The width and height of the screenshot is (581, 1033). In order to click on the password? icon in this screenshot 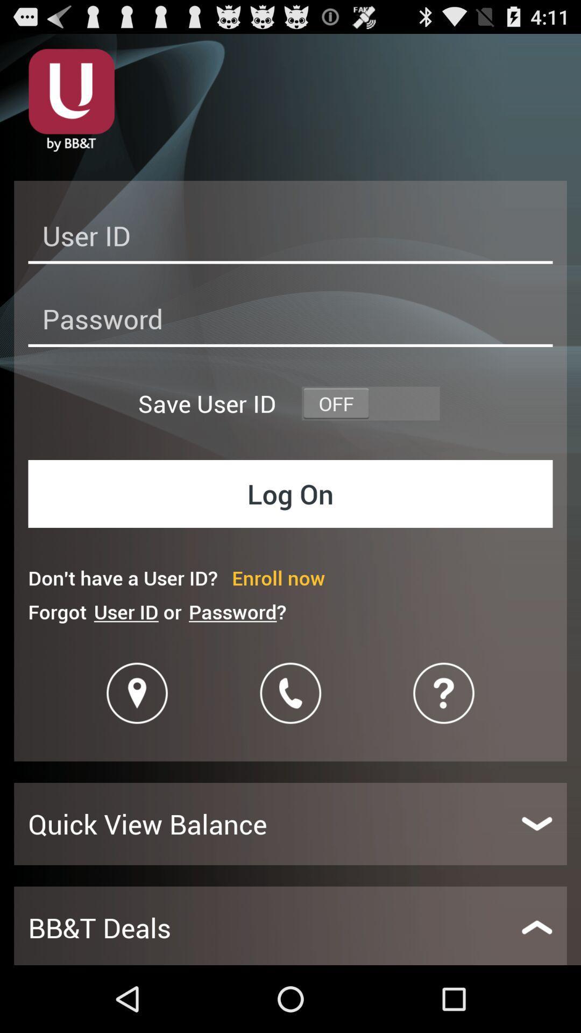, I will do `click(237, 612)`.